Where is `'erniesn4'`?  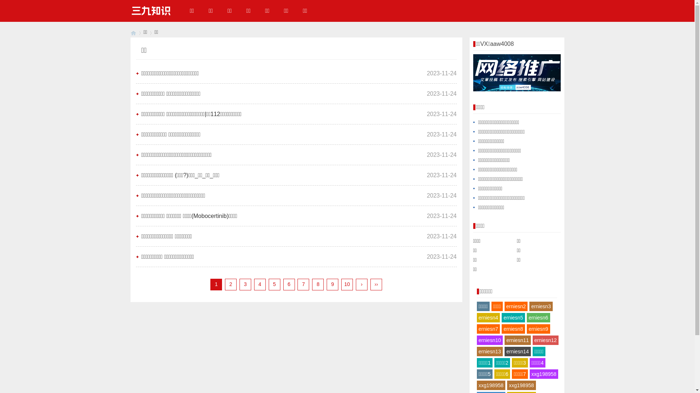
'erniesn4' is located at coordinates (477, 317).